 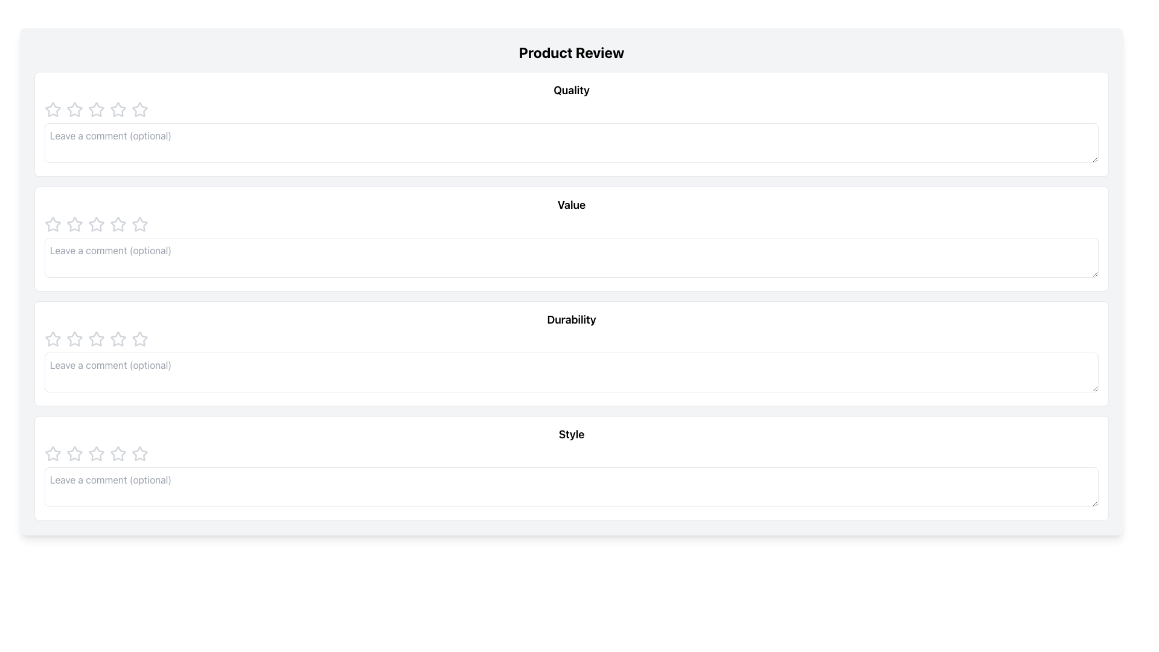 I want to click on the fourth star icon in the rating system, so click(x=95, y=454).